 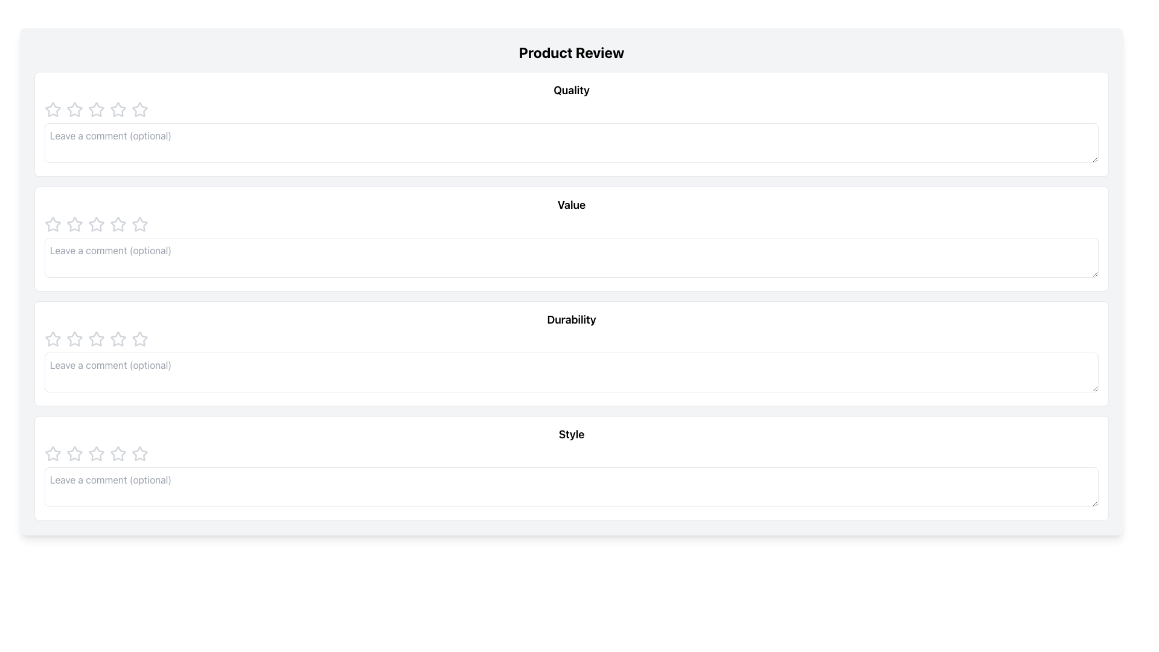 I want to click on the fourth star icon in the rating system, so click(x=95, y=454).